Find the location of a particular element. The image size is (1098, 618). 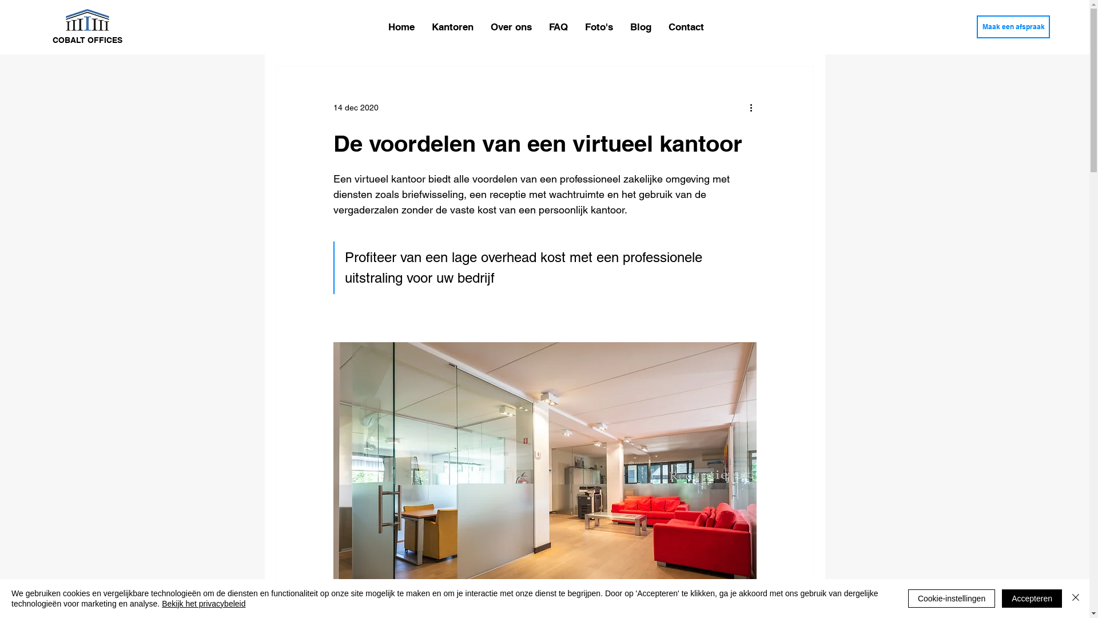

'Blog' is located at coordinates (640, 26).